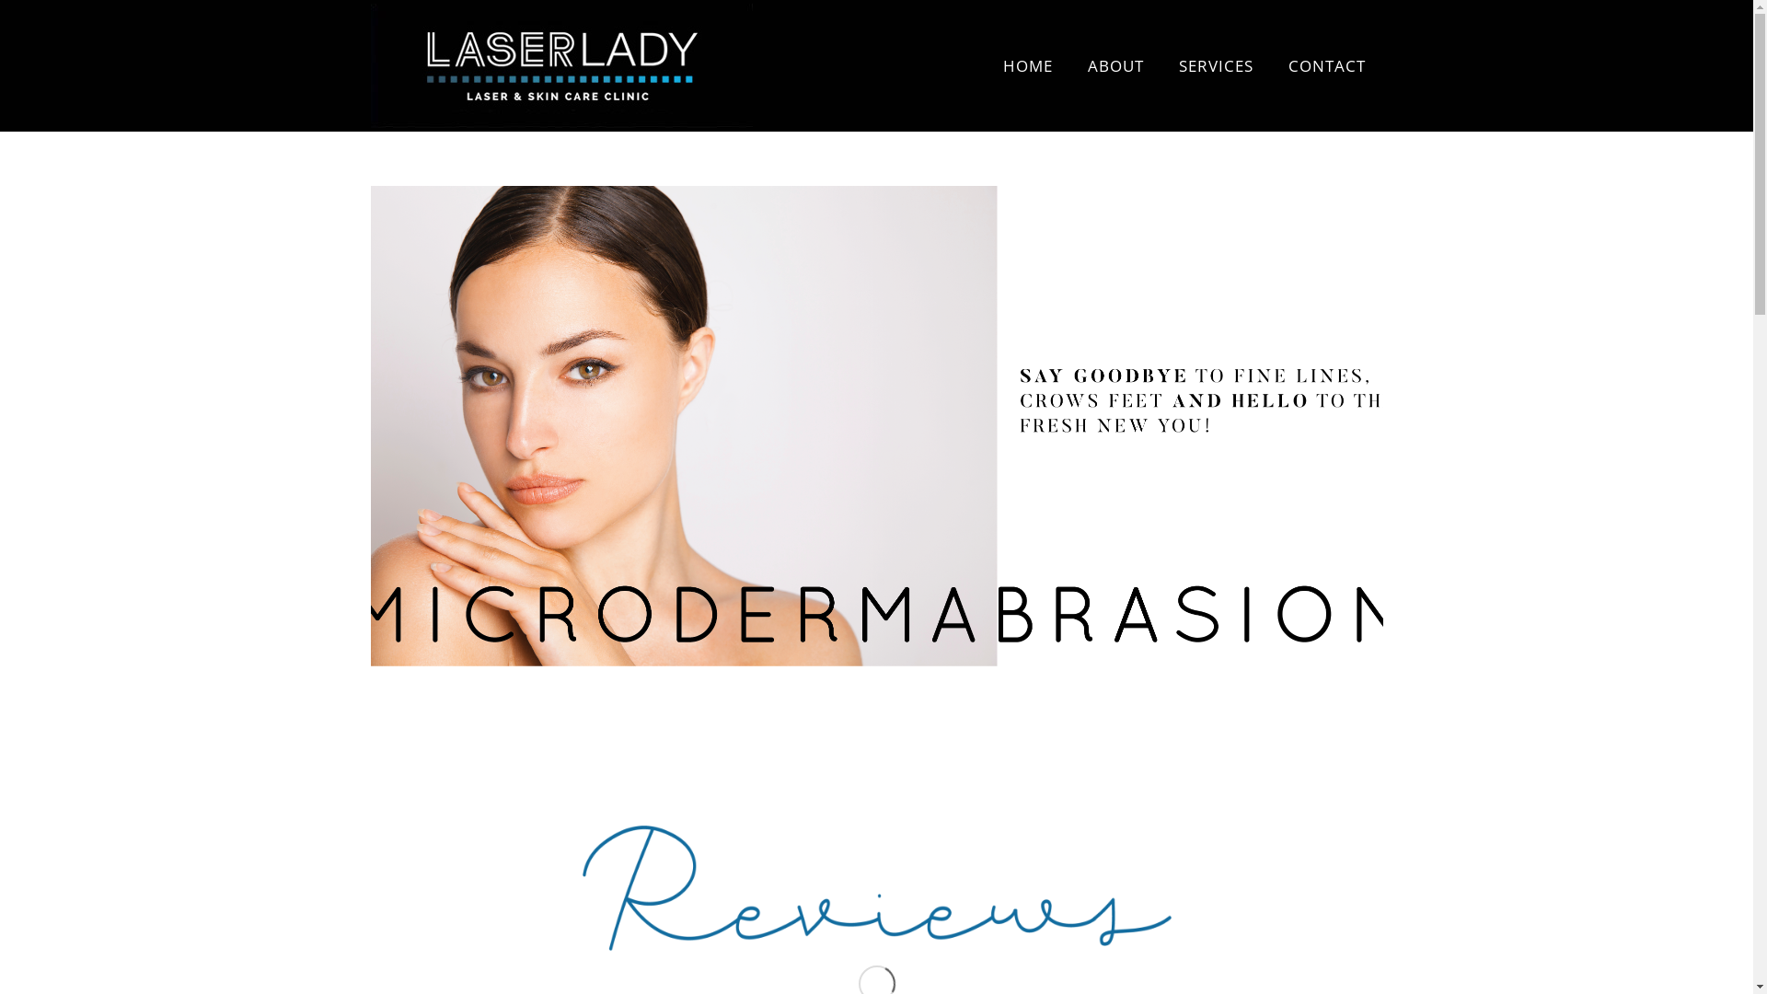 The width and height of the screenshot is (1767, 994). Describe the element at coordinates (1325, 64) in the screenshot. I see `'CONTACT'` at that location.